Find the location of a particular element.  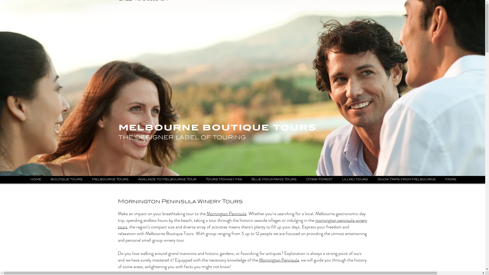

'Snow Trips from Melbourne' is located at coordinates (406, 179).